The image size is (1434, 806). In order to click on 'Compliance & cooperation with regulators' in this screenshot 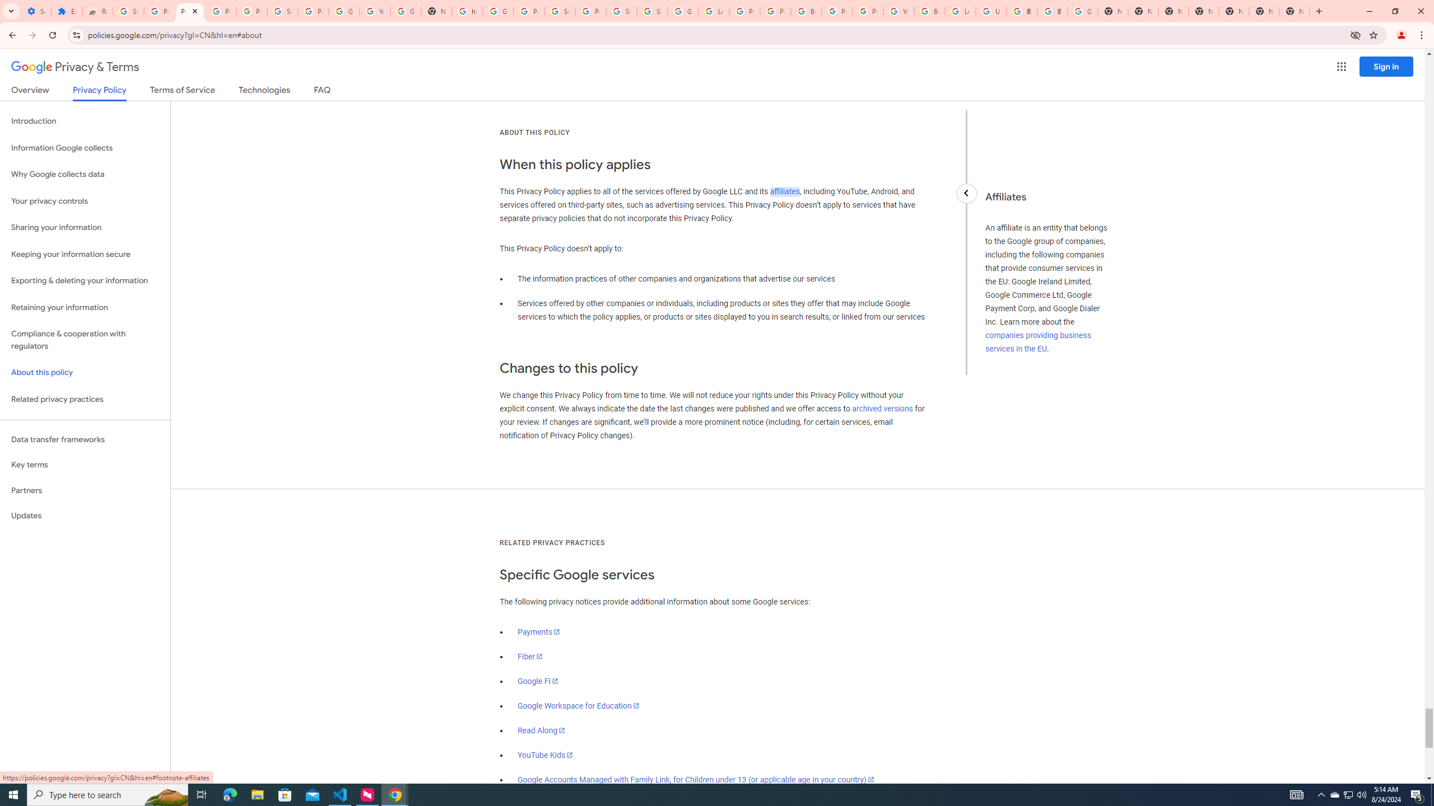, I will do `click(85, 340)`.